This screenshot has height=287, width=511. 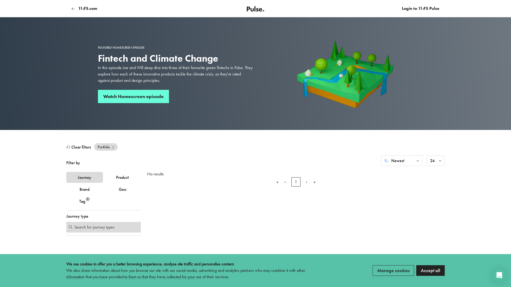 I want to click on 'Watch Homescreen episode', so click(x=133, y=96).